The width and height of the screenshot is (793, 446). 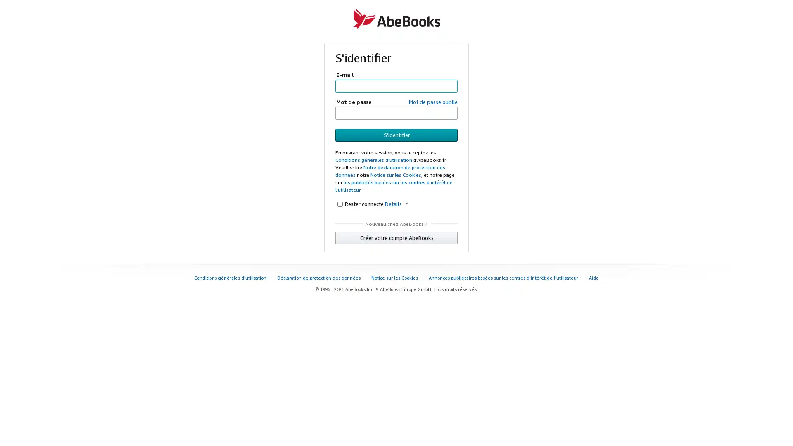 I want to click on Details, so click(x=396, y=204).